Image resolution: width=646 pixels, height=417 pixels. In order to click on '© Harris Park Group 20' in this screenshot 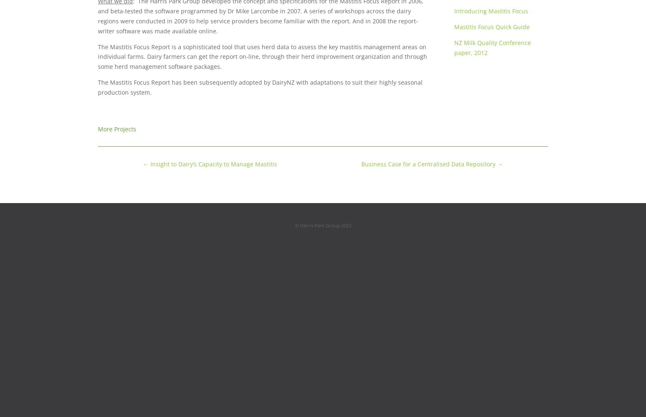, I will do `click(320, 225)`.